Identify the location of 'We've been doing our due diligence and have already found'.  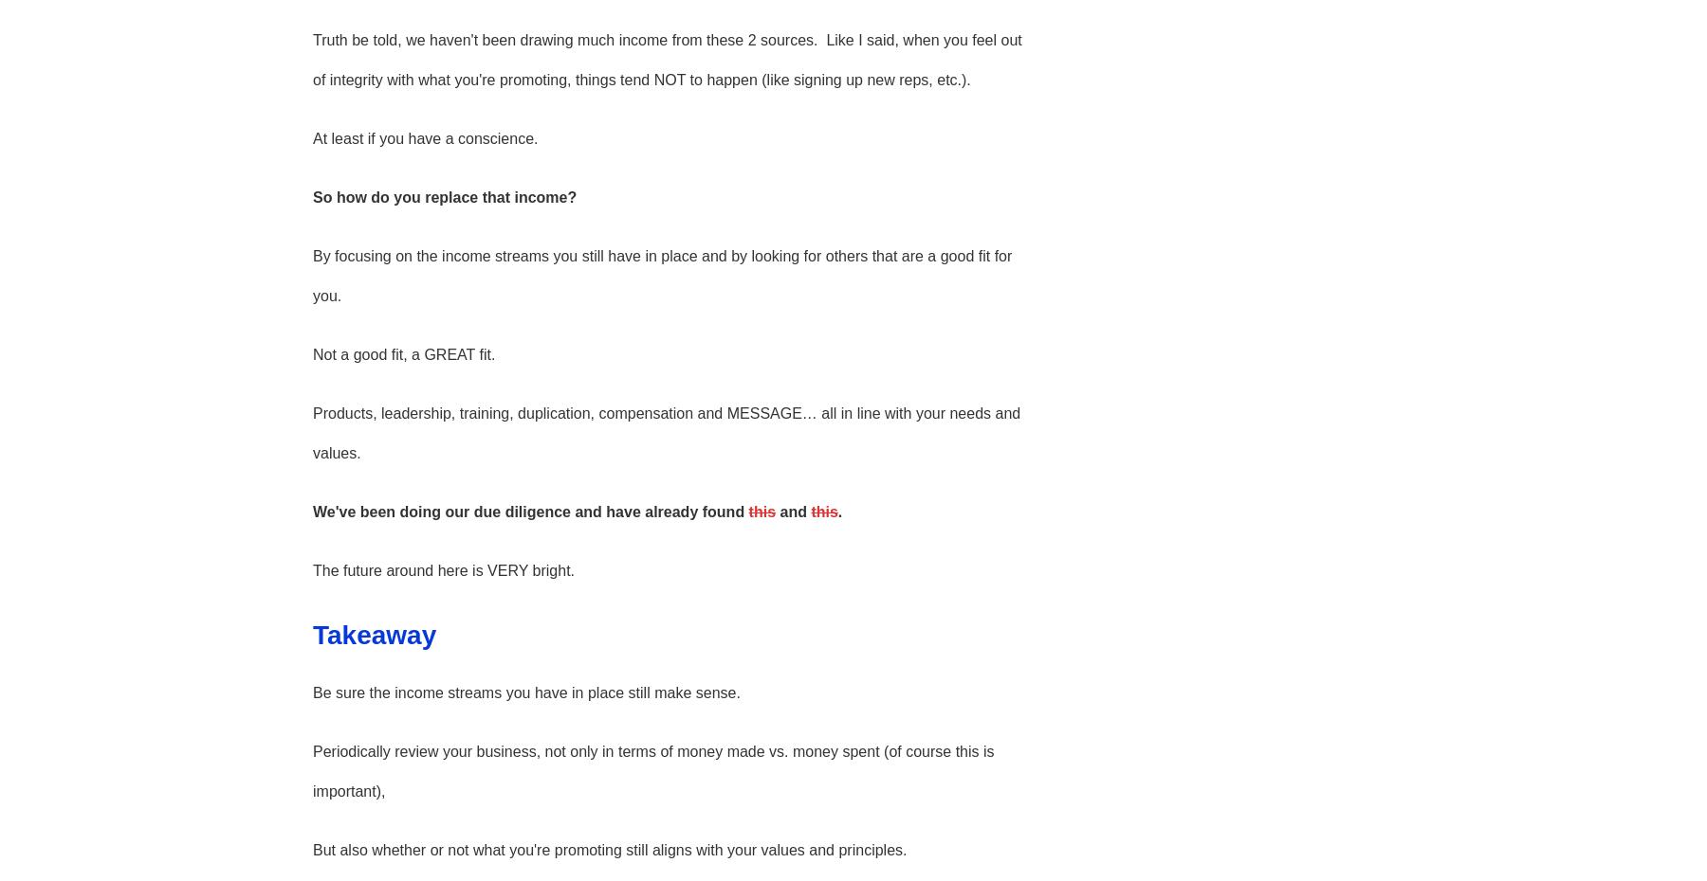
(311, 510).